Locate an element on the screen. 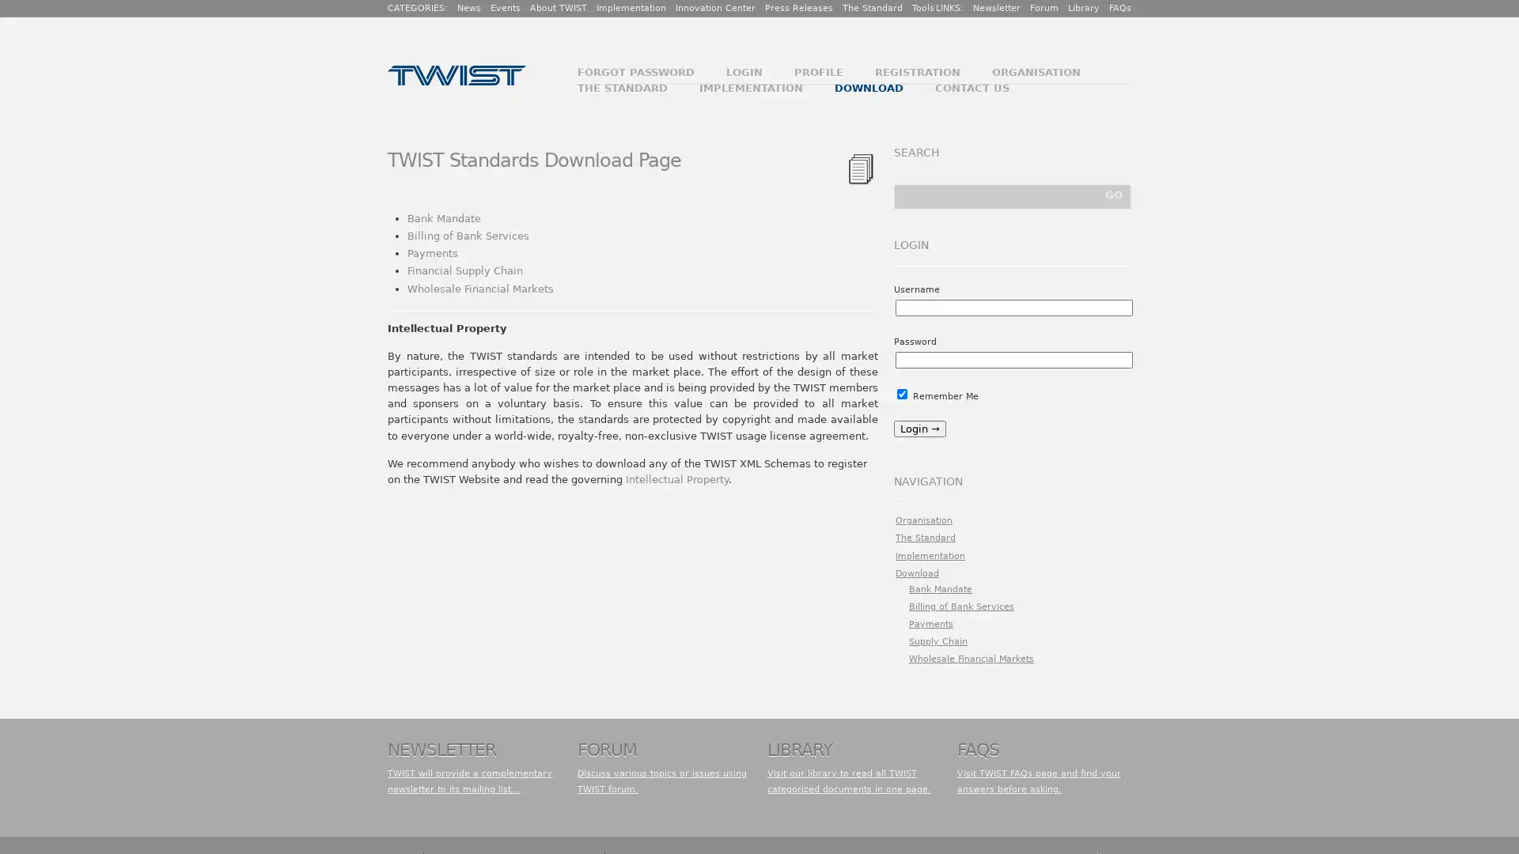 This screenshot has width=1519, height=854. Login is located at coordinates (919, 429).